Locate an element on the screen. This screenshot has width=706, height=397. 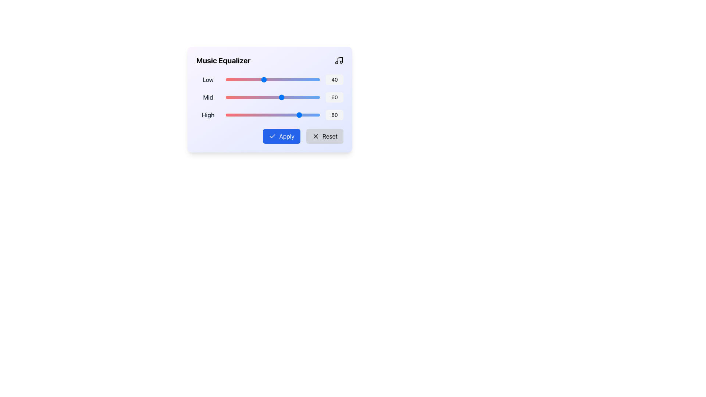
the minimalistic check icon, which is a blue button icon located to the left of the 'Apply' label is located at coordinates (272, 136).